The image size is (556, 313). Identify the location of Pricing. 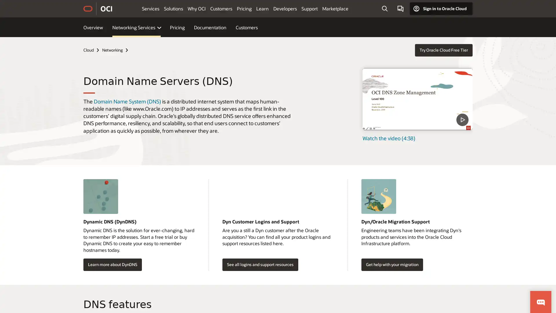
(244, 8).